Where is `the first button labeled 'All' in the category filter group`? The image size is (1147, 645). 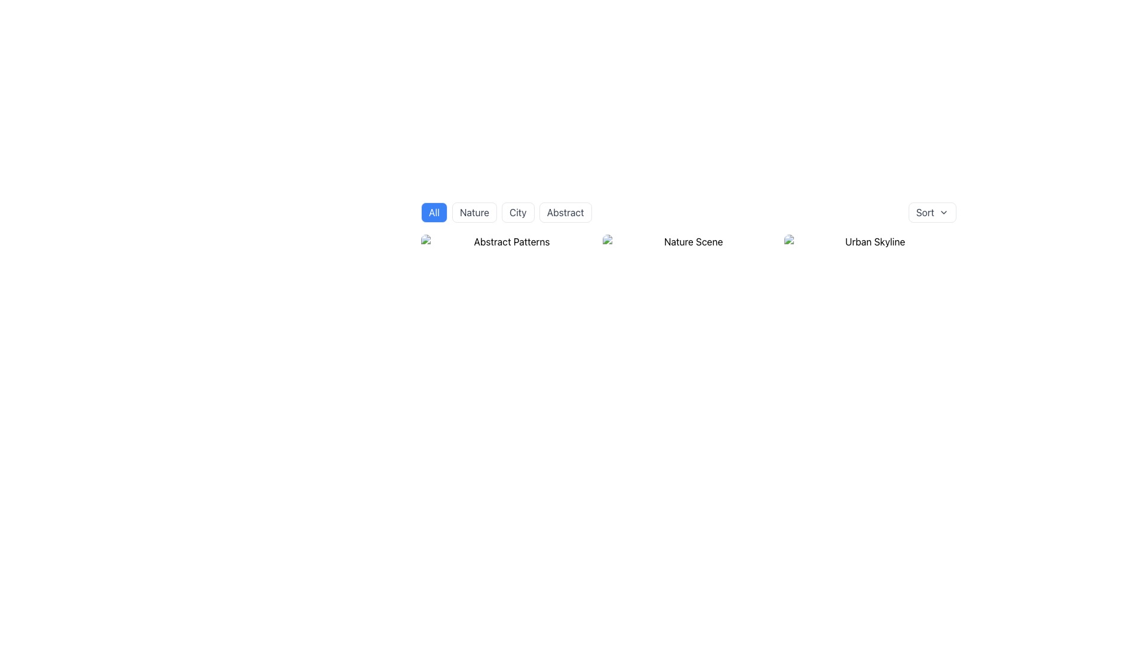 the first button labeled 'All' in the category filter group is located at coordinates (433, 211).